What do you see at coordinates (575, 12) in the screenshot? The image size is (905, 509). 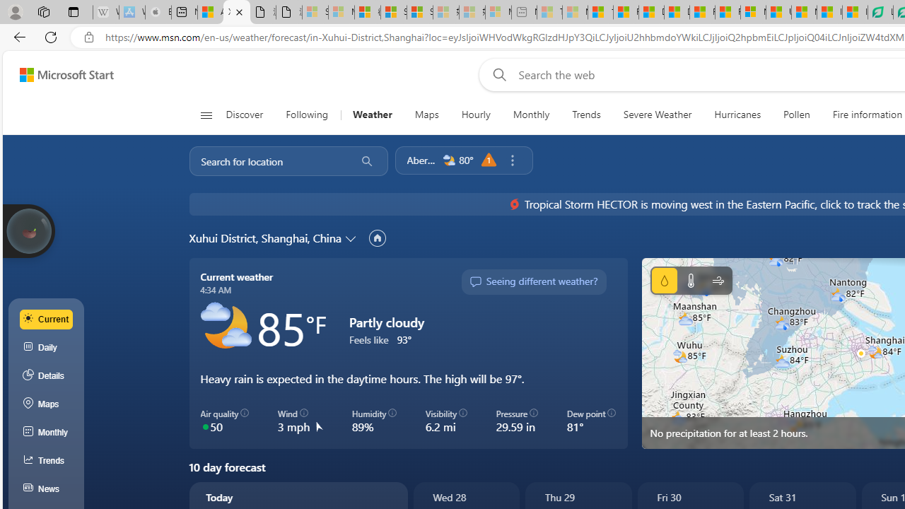 I see `'Marine life - MSN - Sleeping'` at bounding box center [575, 12].